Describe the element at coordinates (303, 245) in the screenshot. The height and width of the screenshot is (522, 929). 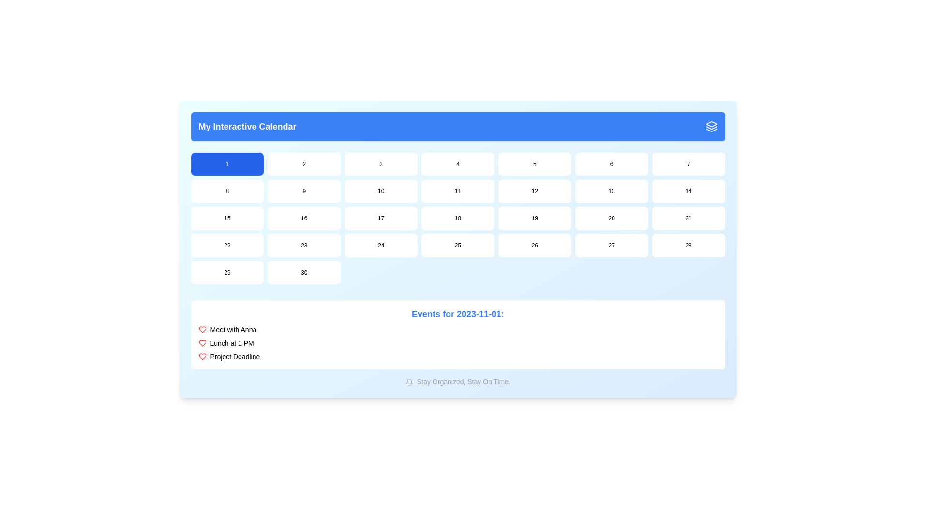
I see `the small rectangular button with rounded corners that displays the number '23' in black text, located` at that location.